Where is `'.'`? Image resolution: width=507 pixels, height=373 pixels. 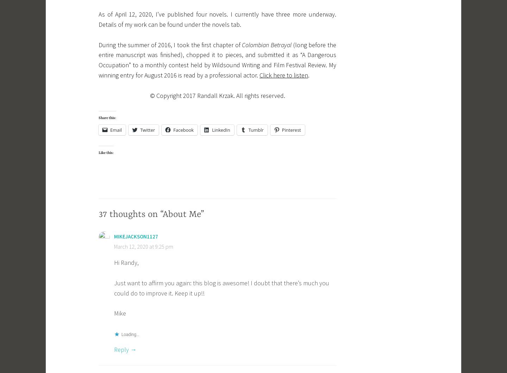
'.' is located at coordinates (307, 75).